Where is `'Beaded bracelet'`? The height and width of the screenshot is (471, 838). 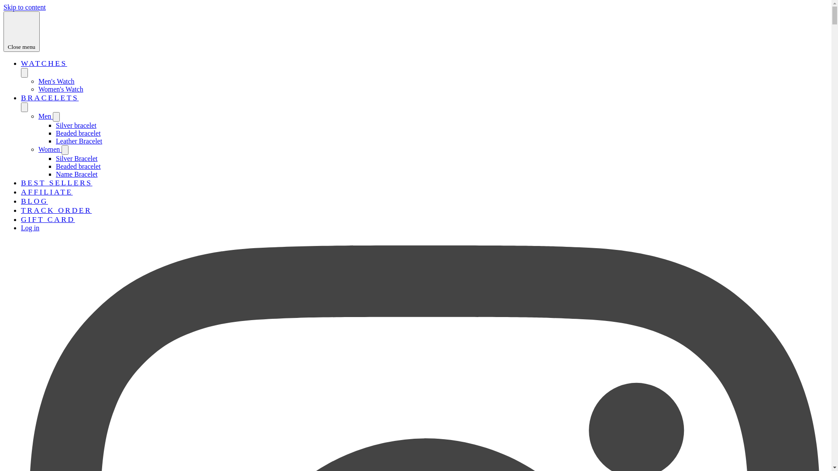 'Beaded bracelet' is located at coordinates (78, 133).